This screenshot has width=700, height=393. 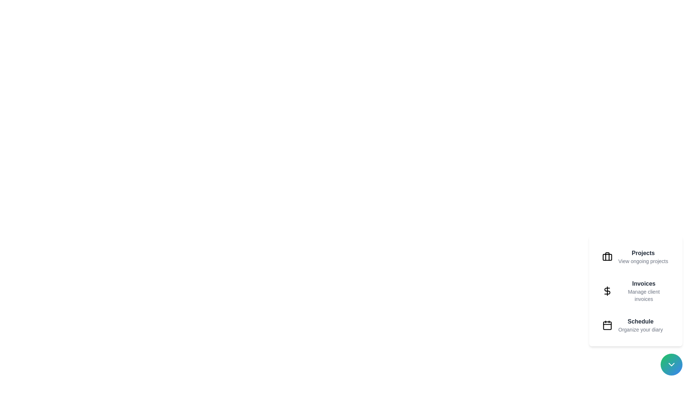 What do you see at coordinates (671, 365) in the screenshot?
I see `the floating action button to toggle the menu's visibility` at bounding box center [671, 365].